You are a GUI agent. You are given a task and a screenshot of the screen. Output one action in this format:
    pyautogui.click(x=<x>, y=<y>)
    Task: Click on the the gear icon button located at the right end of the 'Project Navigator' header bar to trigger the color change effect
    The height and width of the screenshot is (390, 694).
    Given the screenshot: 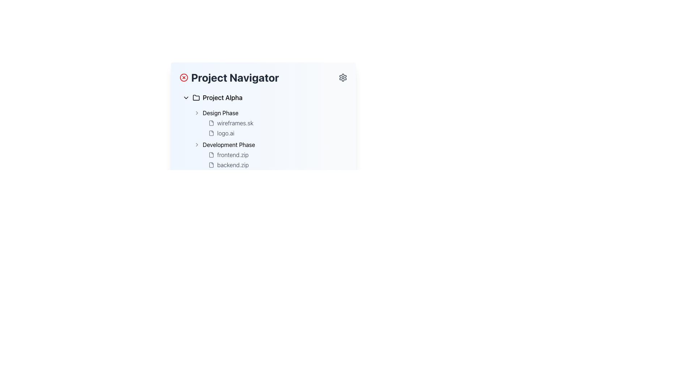 What is the action you would take?
    pyautogui.click(x=343, y=78)
    